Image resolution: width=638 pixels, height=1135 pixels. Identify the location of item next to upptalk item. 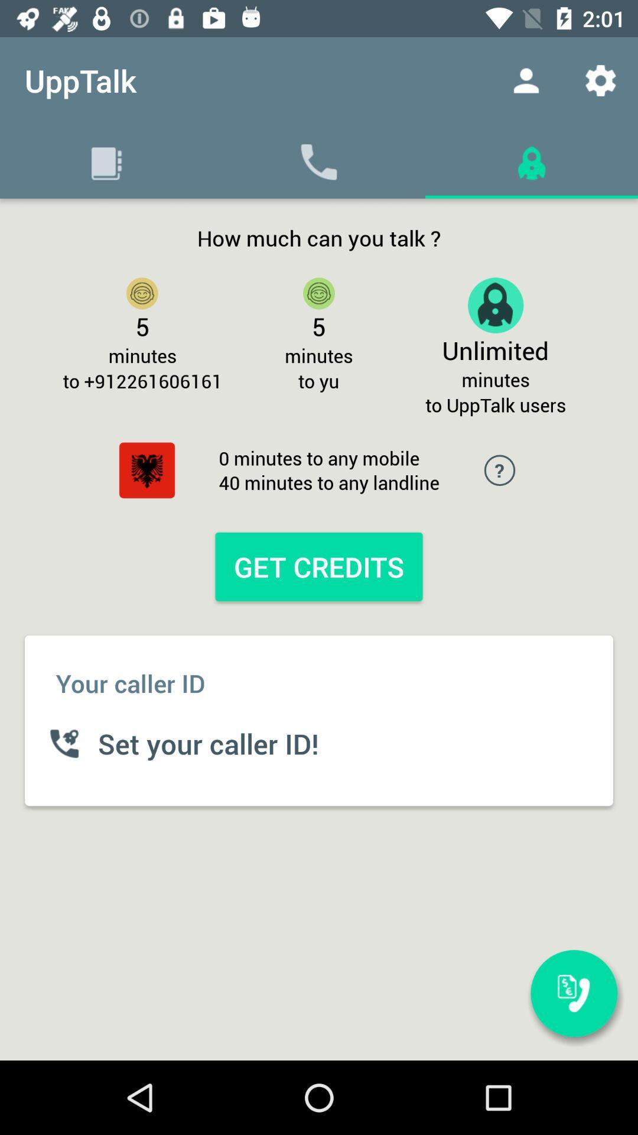
(526, 80).